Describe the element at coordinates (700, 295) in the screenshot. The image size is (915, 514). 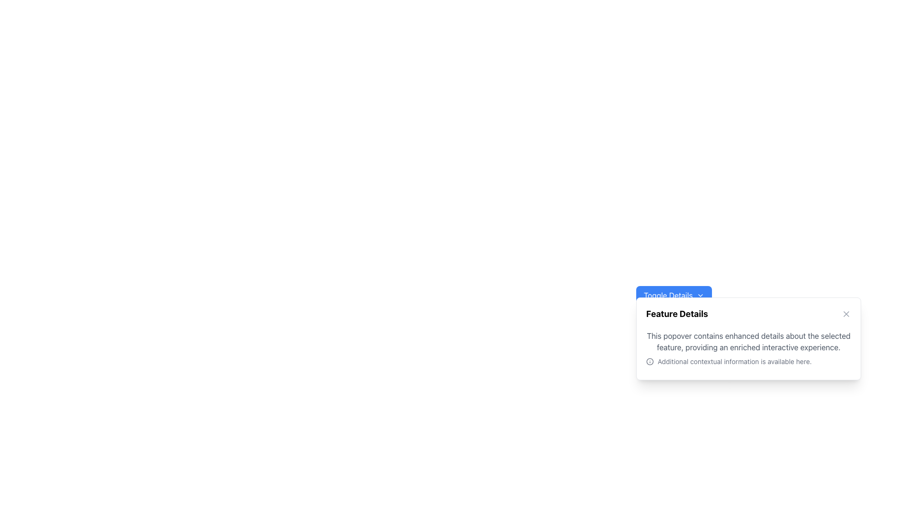
I see `the chevron icon located to the right of the 'Toggle Details' text within the blue button` at that location.